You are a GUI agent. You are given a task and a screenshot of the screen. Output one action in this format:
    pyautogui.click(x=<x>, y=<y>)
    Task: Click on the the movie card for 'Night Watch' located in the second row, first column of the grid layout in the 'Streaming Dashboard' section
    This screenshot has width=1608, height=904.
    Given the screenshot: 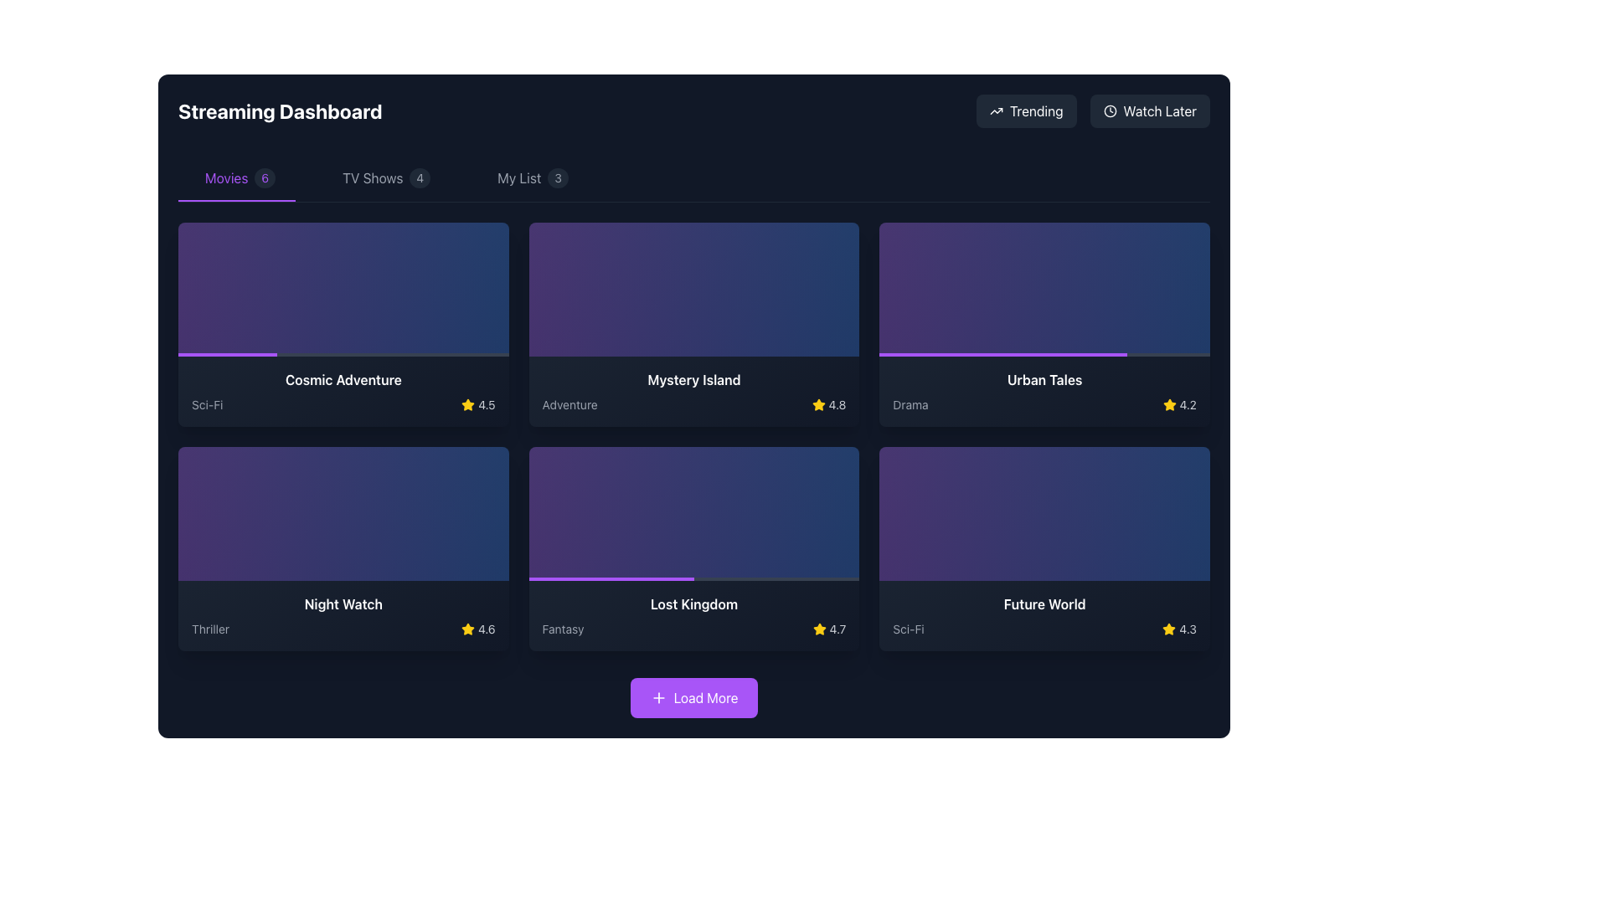 What is the action you would take?
    pyautogui.click(x=343, y=548)
    